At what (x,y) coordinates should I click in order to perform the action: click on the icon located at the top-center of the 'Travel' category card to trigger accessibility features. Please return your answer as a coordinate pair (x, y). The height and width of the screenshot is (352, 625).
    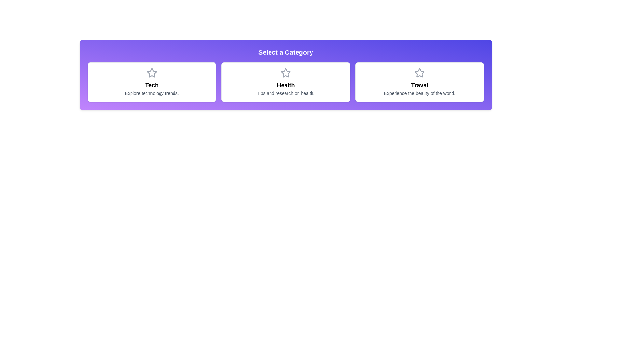
    Looking at the image, I should click on (420, 73).